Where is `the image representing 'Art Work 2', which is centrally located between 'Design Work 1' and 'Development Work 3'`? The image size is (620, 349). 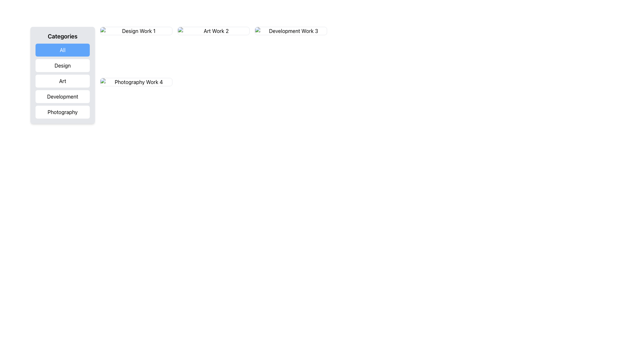 the image representing 'Art Work 2', which is centrally located between 'Design Work 1' and 'Development Work 3' is located at coordinates (213, 31).